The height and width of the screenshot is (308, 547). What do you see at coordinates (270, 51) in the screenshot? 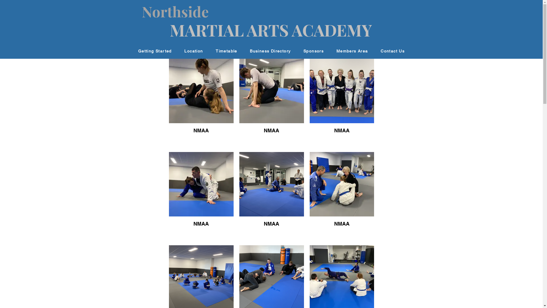
I see `'Business Directory'` at bounding box center [270, 51].